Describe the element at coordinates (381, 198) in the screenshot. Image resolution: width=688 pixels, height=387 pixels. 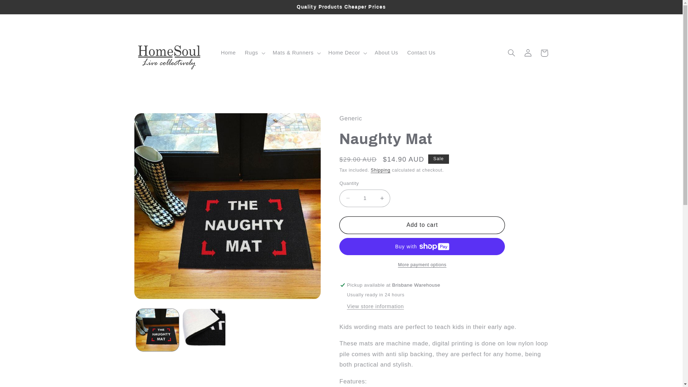
I see `'Increase quantity for Naughty Mat'` at that location.